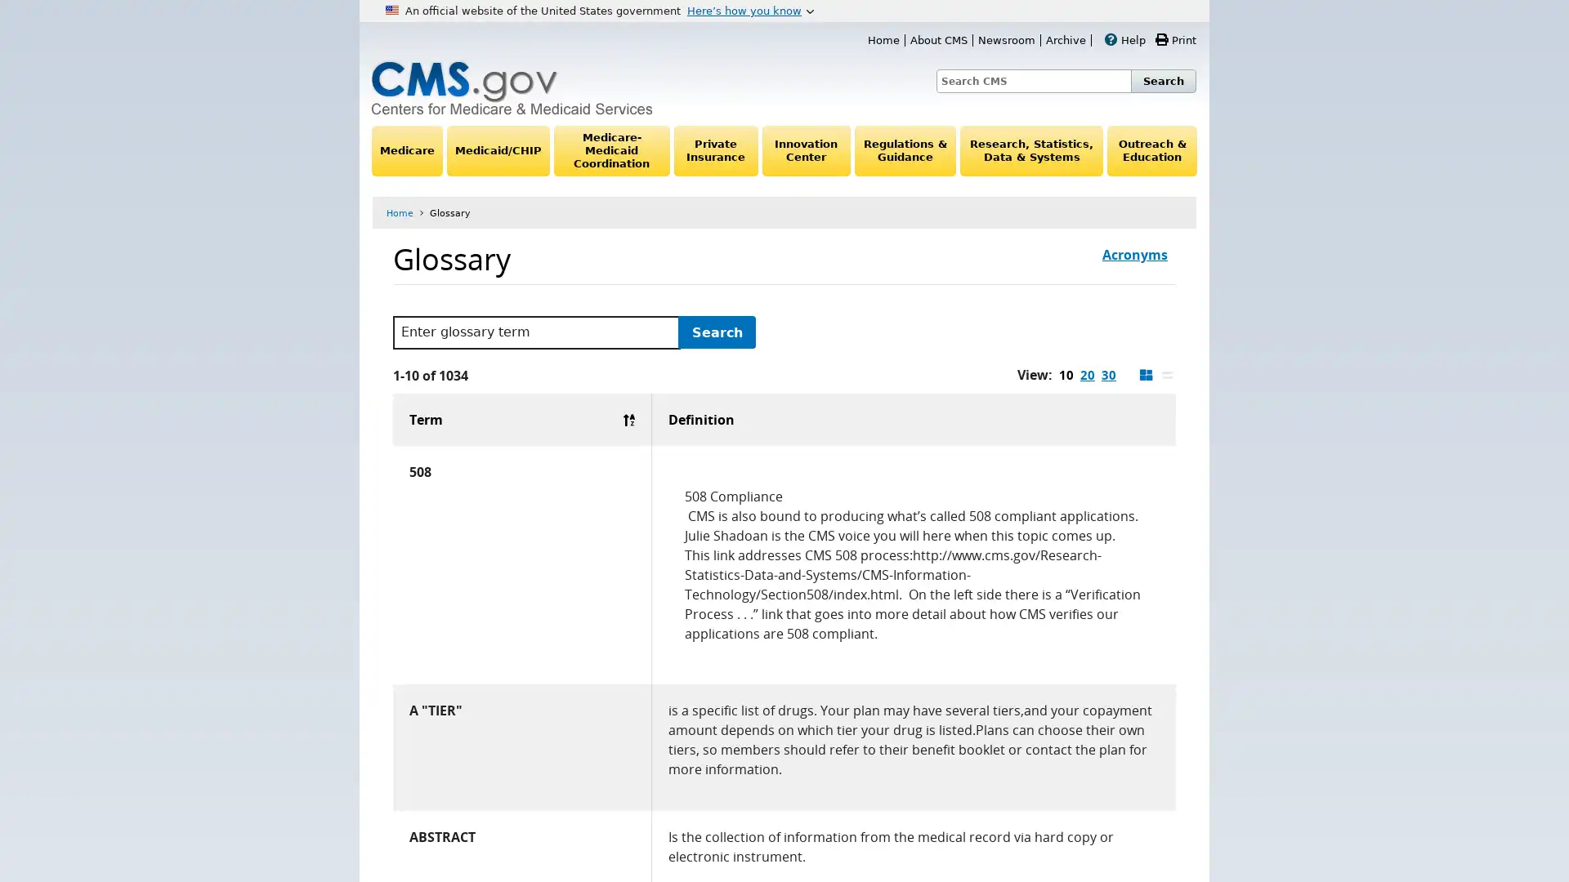 Image resolution: width=1569 pixels, height=882 pixels. Describe the element at coordinates (717, 332) in the screenshot. I see `Search` at that location.